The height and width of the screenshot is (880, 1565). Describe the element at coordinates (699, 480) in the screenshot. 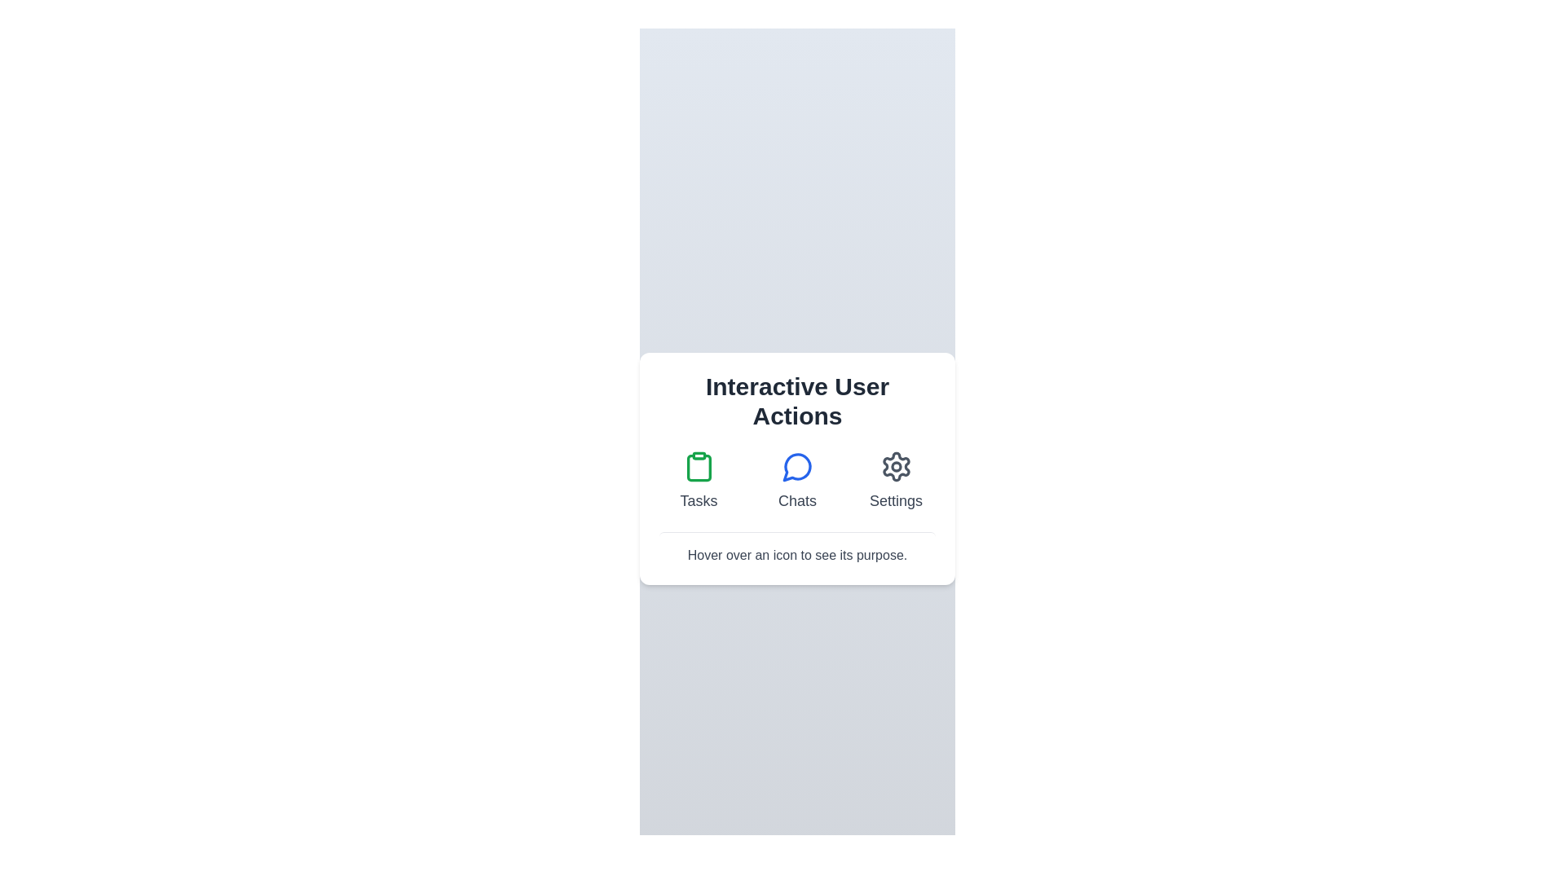

I see `the 'Tasks' clickable module, which is the first entry in a grid of three options, positioned on the far left before 'Chats' and 'Settings'` at that location.